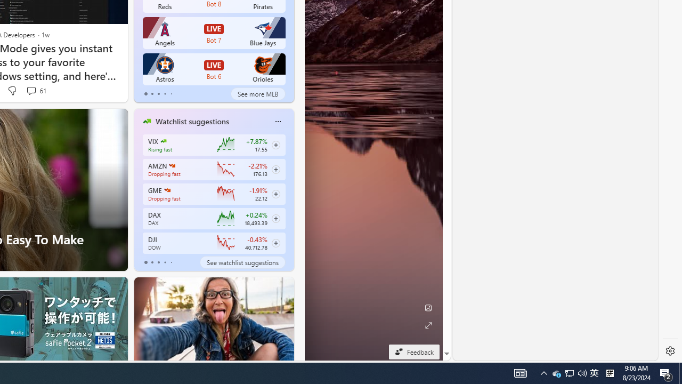 The height and width of the screenshot is (384, 682). What do you see at coordinates (258, 93) in the screenshot?
I see `'See more MLB'` at bounding box center [258, 93].